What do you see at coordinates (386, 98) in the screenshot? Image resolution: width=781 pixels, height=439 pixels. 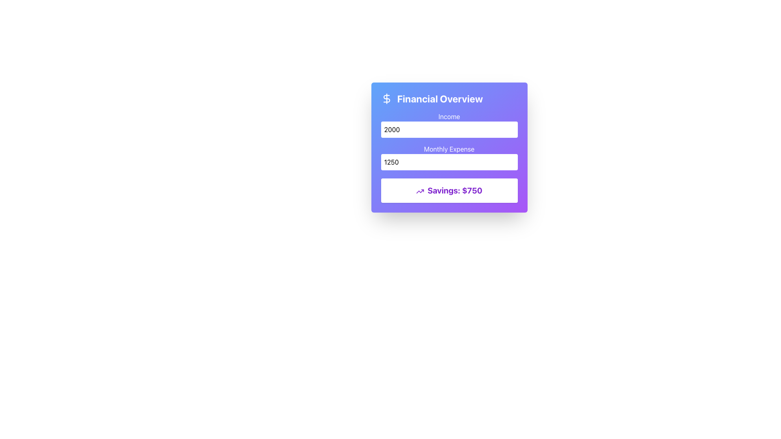 I see `the financial icon located in the header section of the 'Financial Overview' panel by moving the cursor to its center` at bounding box center [386, 98].